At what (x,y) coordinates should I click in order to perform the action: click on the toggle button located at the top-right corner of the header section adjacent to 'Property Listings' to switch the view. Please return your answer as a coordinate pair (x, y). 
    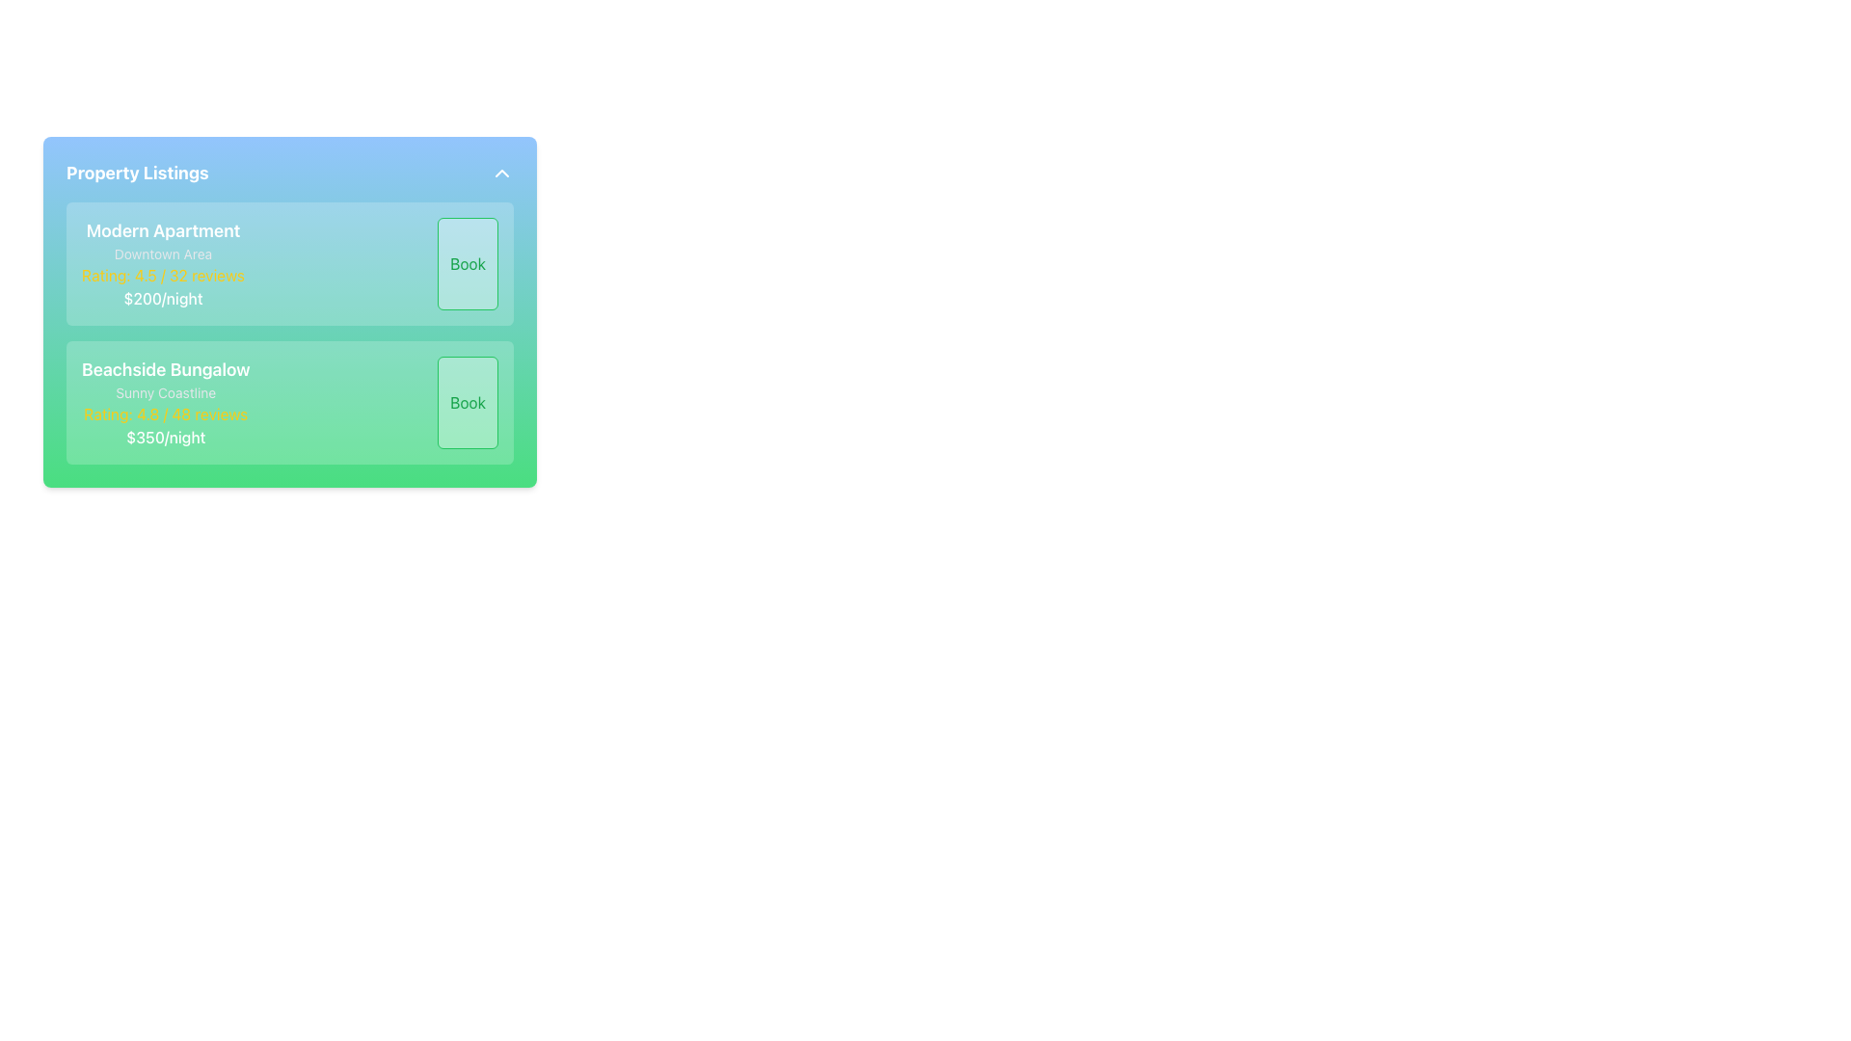
    Looking at the image, I should click on (502, 173).